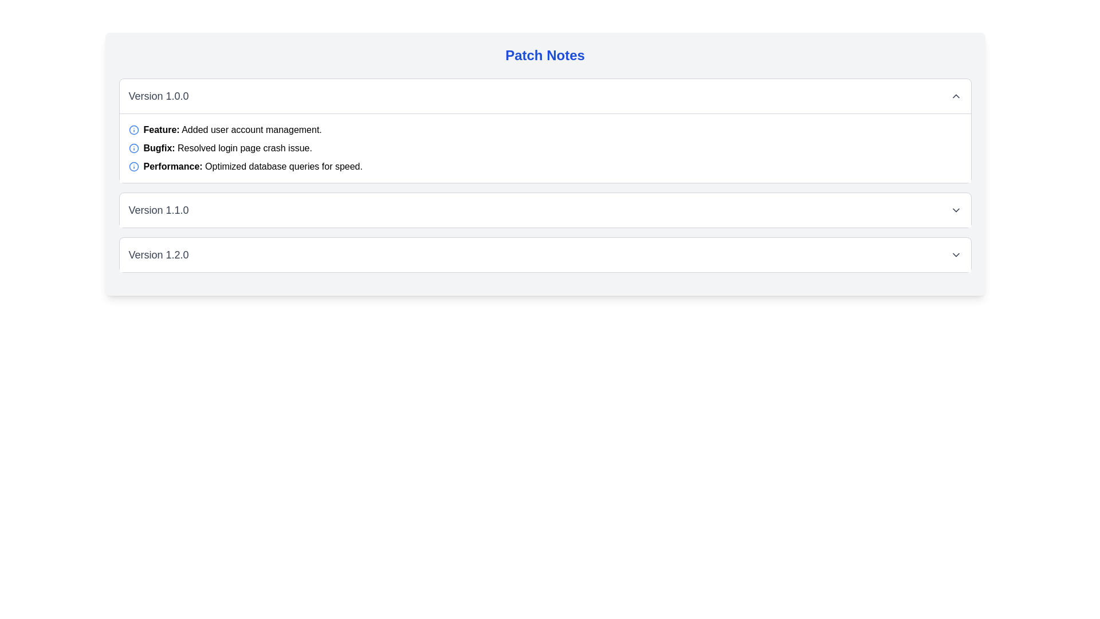 The image size is (1100, 619). What do you see at coordinates (133, 147) in the screenshot?
I see `the graphical icon with a circular shape, which is blue and part of the indicator next to the 'Feature' list item in the 'Version 1.0.0' section` at bounding box center [133, 147].